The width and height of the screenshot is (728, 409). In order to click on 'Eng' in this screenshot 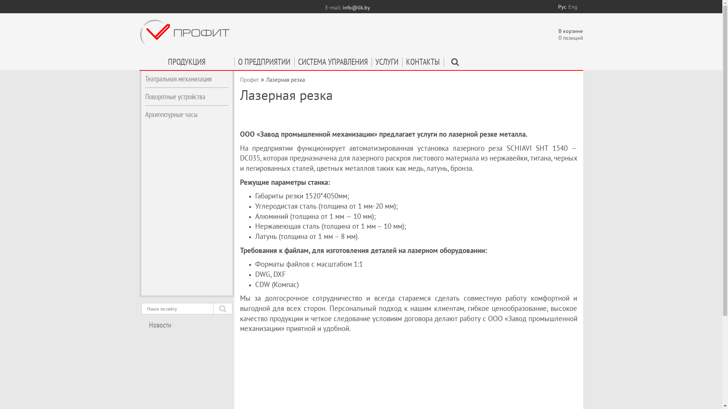, I will do `click(573, 7)`.